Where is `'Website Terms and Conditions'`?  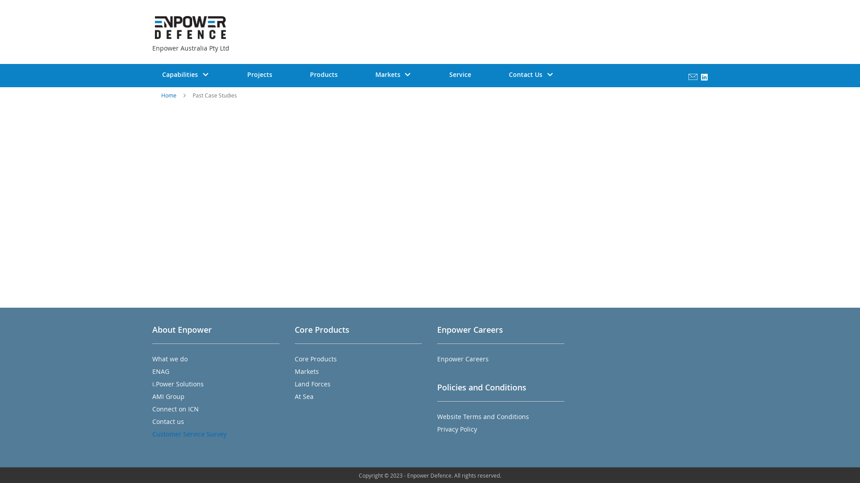
'Website Terms and Conditions' is located at coordinates (482, 416).